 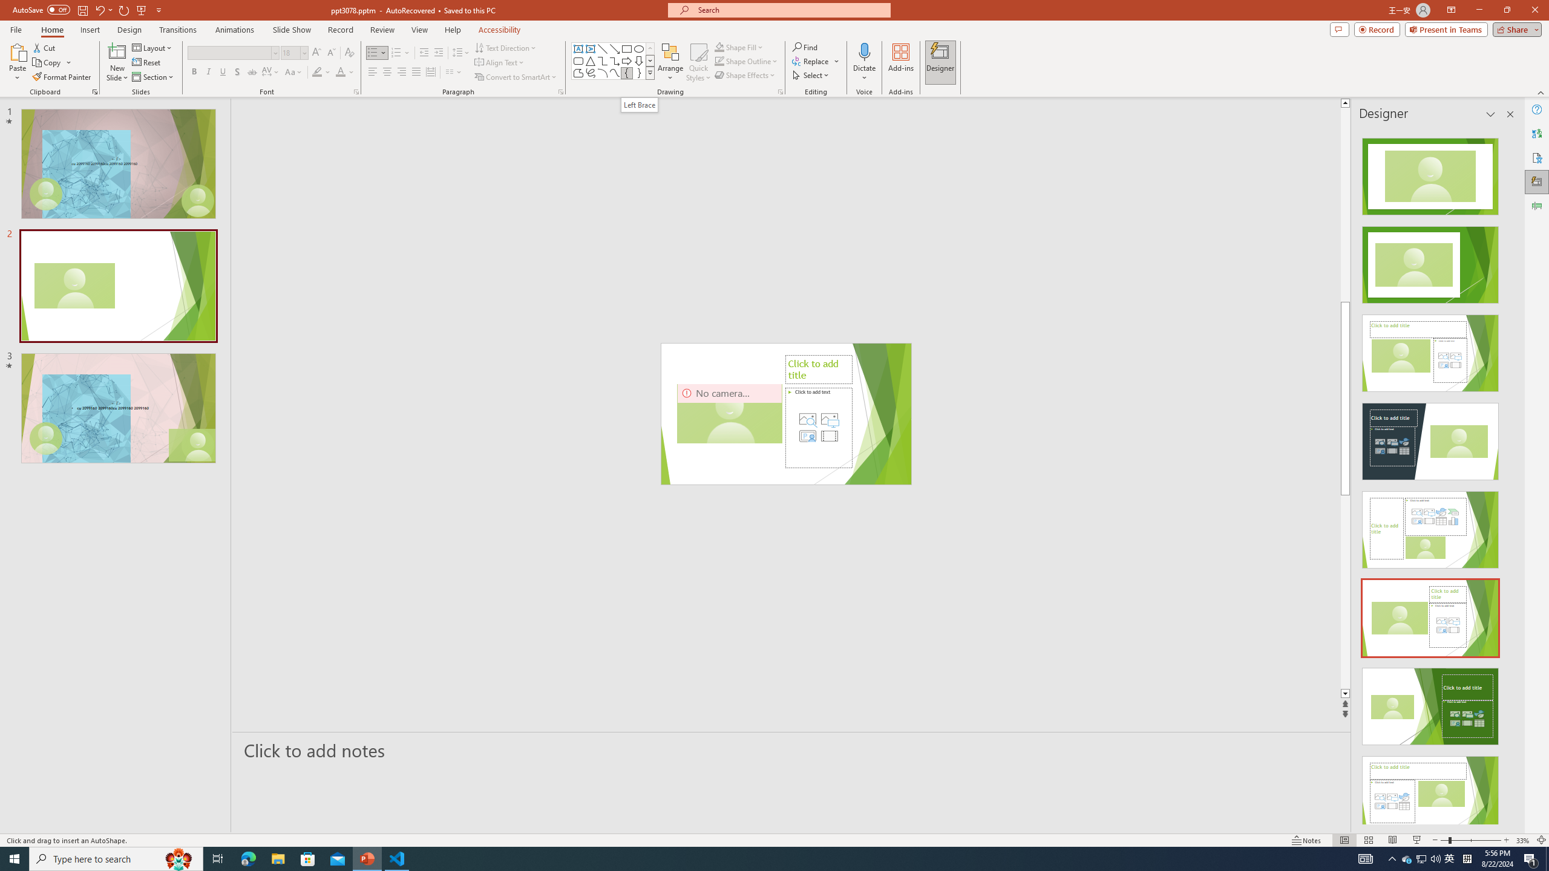 What do you see at coordinates (401, 53) in the screenshot?
I see `'Numbering'` at bounding box center [401, 53].